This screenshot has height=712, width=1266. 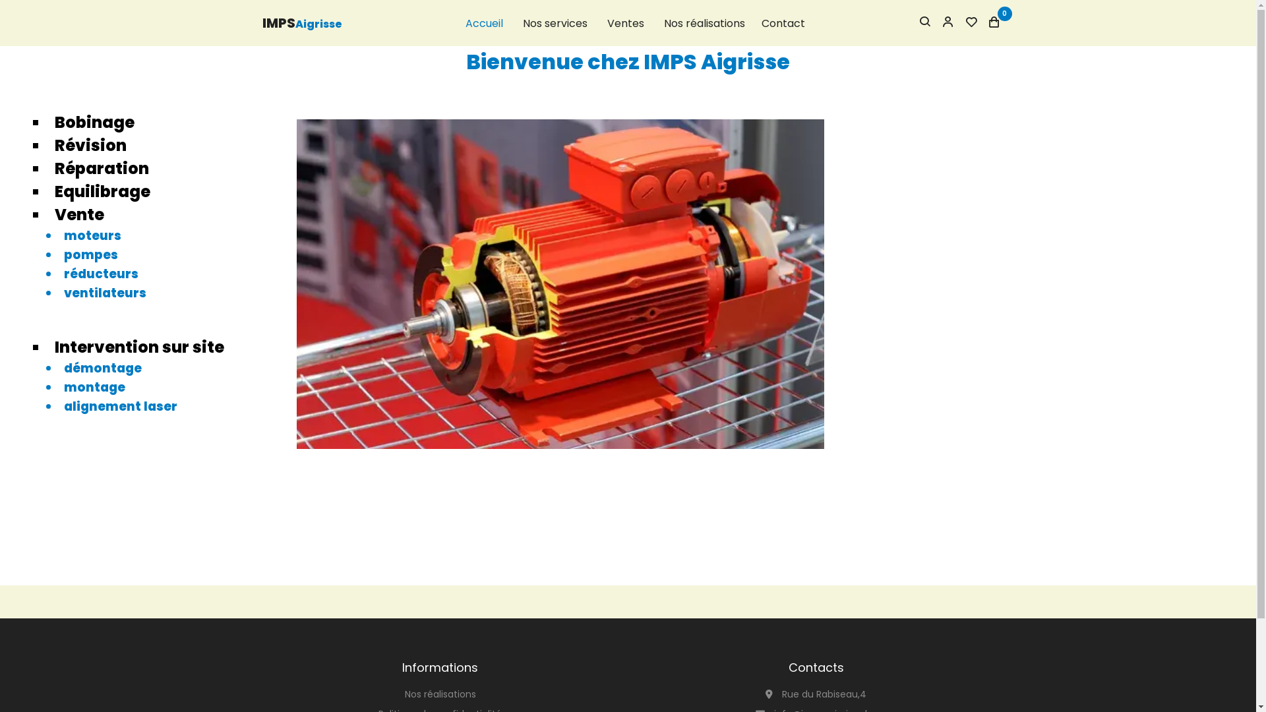 I want to click on 'Contact', so click(x=782, y=23).